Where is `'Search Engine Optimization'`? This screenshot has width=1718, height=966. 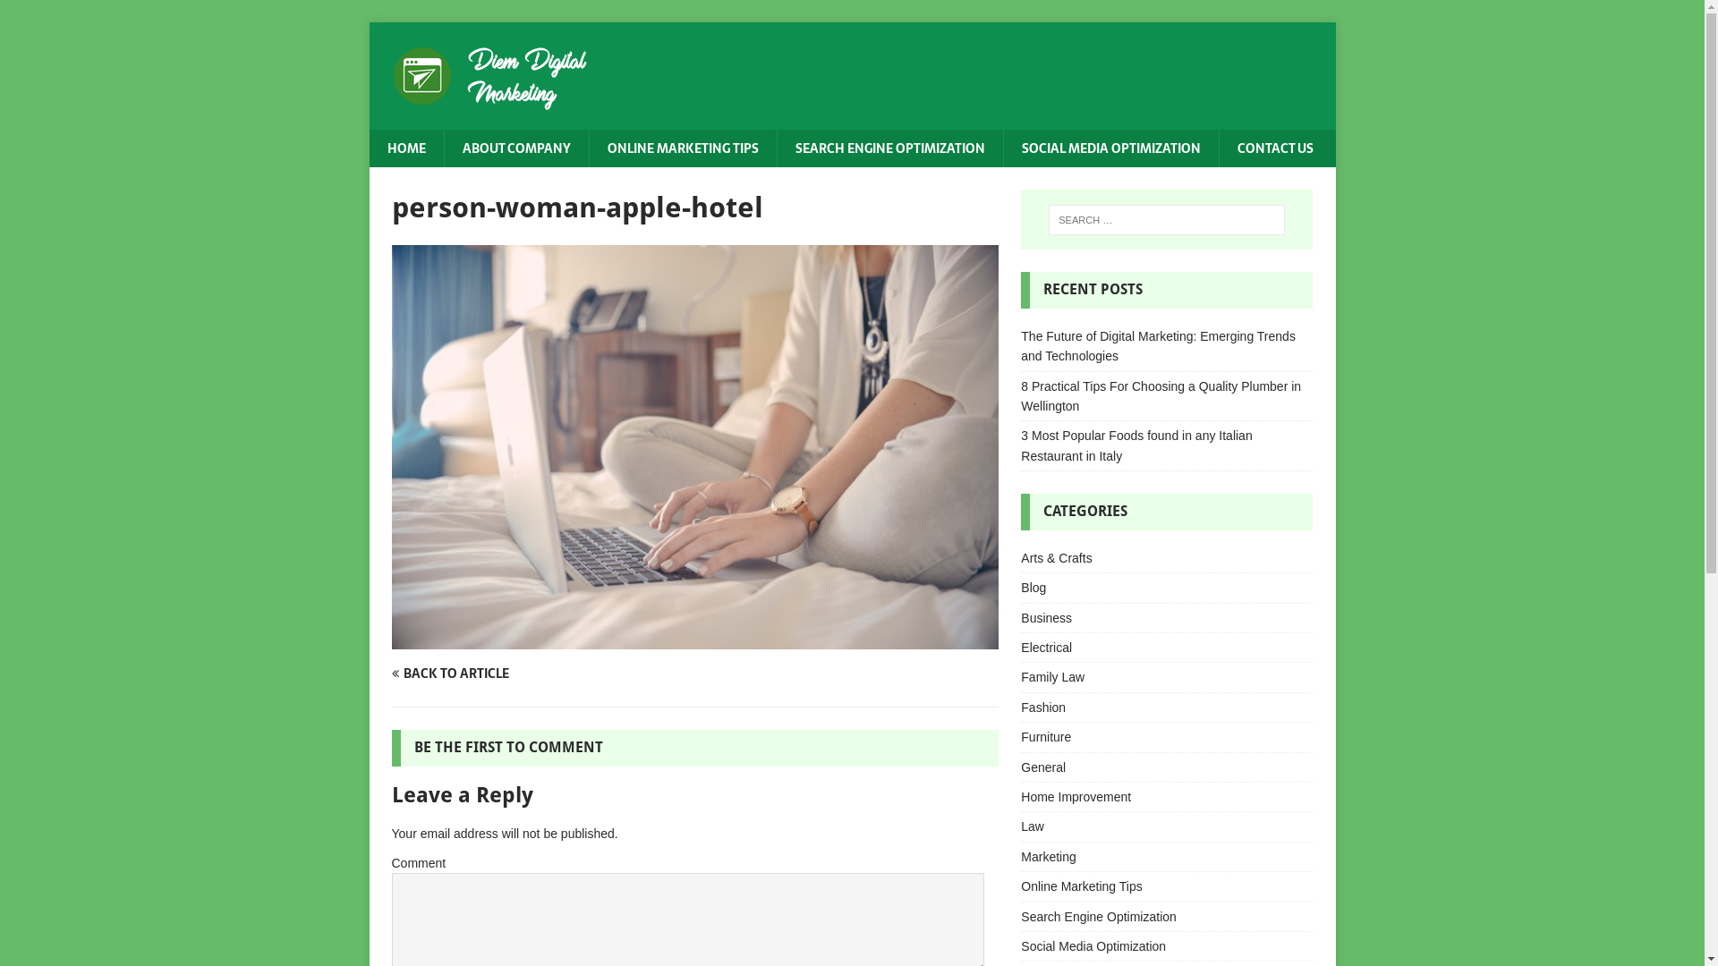
'Search Engine Optimization' is located at coordinates (1167, 917).